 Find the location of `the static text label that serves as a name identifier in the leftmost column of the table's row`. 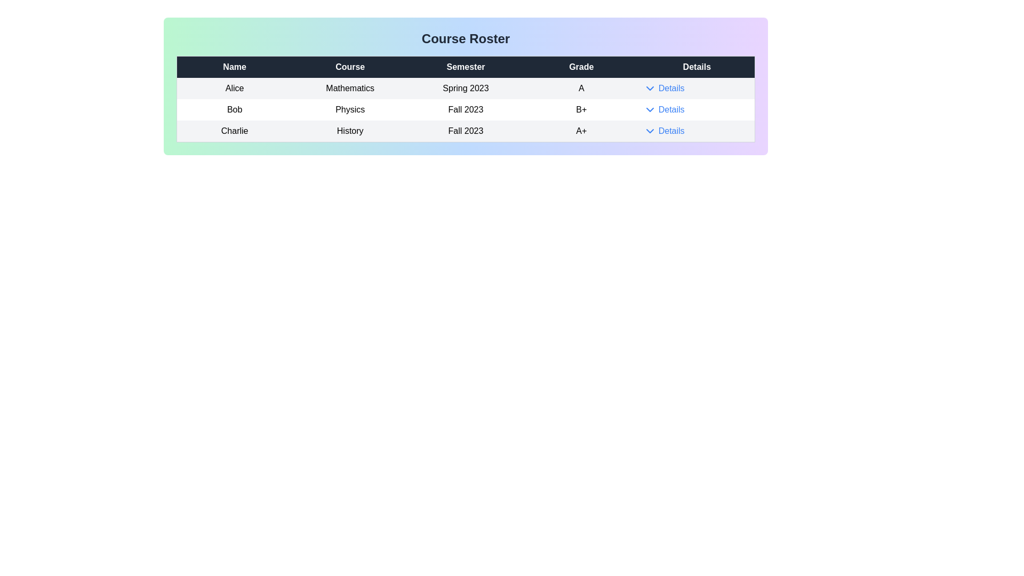

the static text label that serves as a name identifier in the leftmost column of the table's row is located at coordinates (234, 131).